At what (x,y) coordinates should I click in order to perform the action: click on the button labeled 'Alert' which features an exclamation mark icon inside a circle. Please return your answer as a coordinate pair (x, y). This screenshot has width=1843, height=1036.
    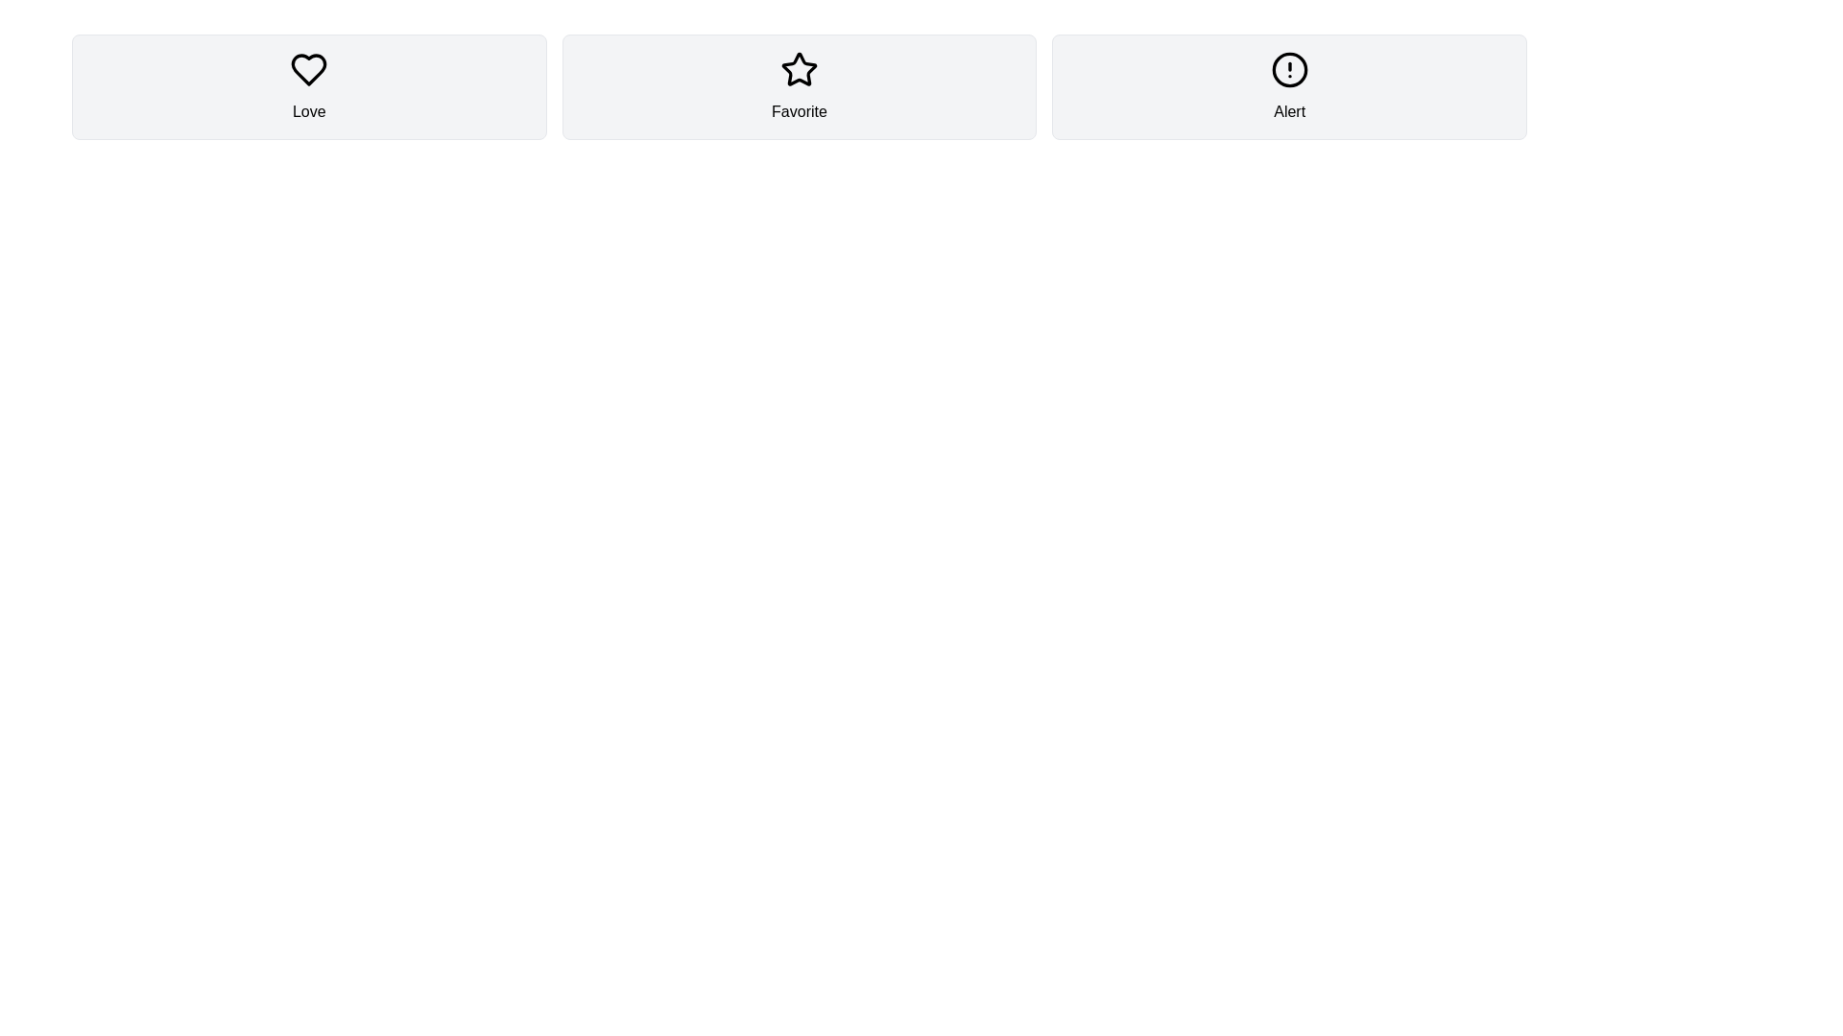
    Looking at the image, I should click on (1289, 87).